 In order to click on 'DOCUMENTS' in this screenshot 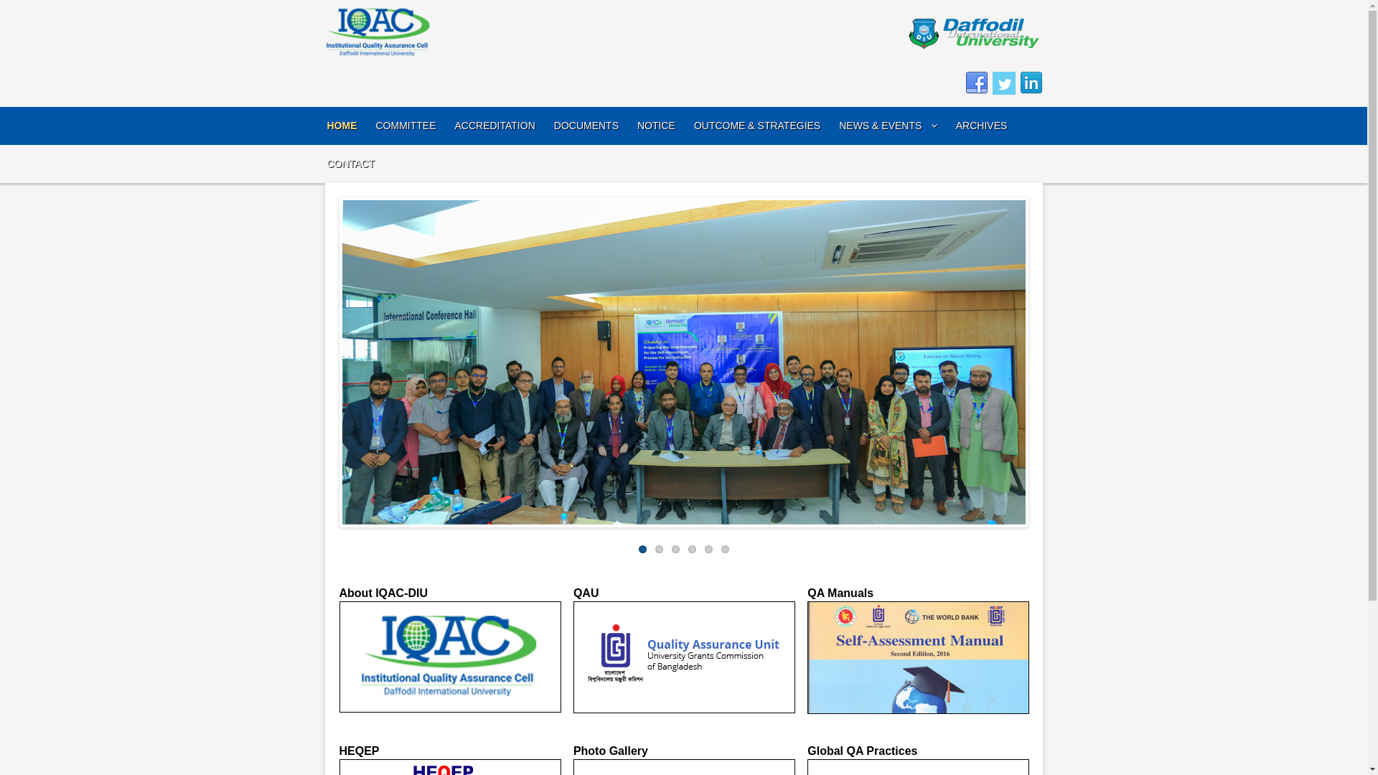, I will do `click(553, 125)`.